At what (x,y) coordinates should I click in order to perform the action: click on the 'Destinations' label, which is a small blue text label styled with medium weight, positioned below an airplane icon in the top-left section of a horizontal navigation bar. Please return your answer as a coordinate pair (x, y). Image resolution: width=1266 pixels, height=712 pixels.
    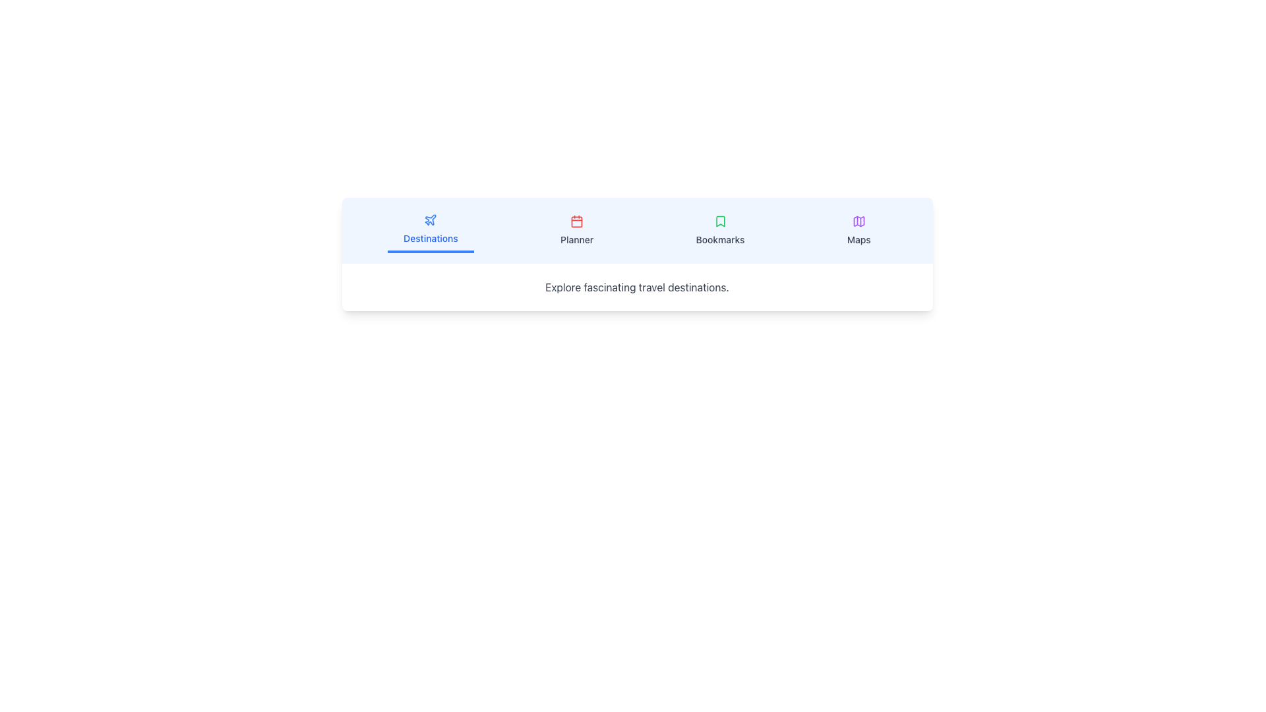
    Looking at the image, I should click on (431, 239).